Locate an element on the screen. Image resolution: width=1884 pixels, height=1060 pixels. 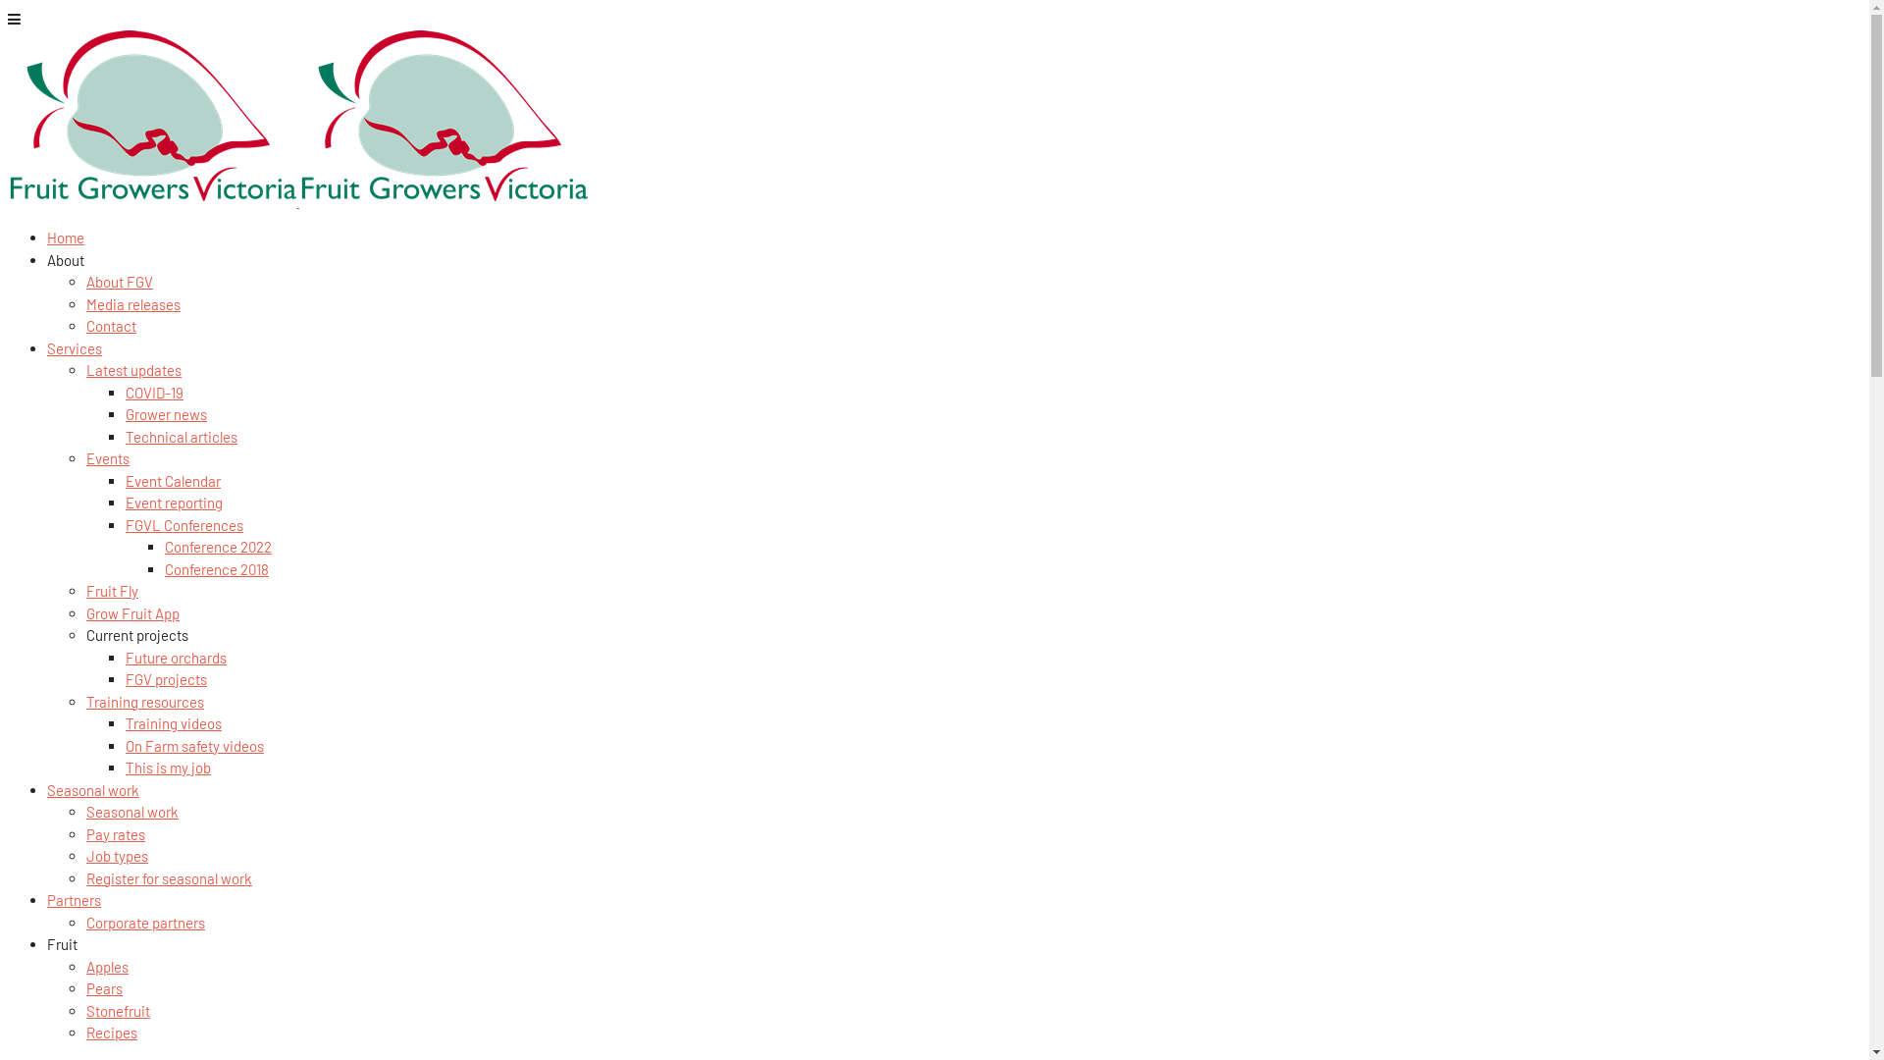
'Latest updates' is located at coordinates (132, 370).